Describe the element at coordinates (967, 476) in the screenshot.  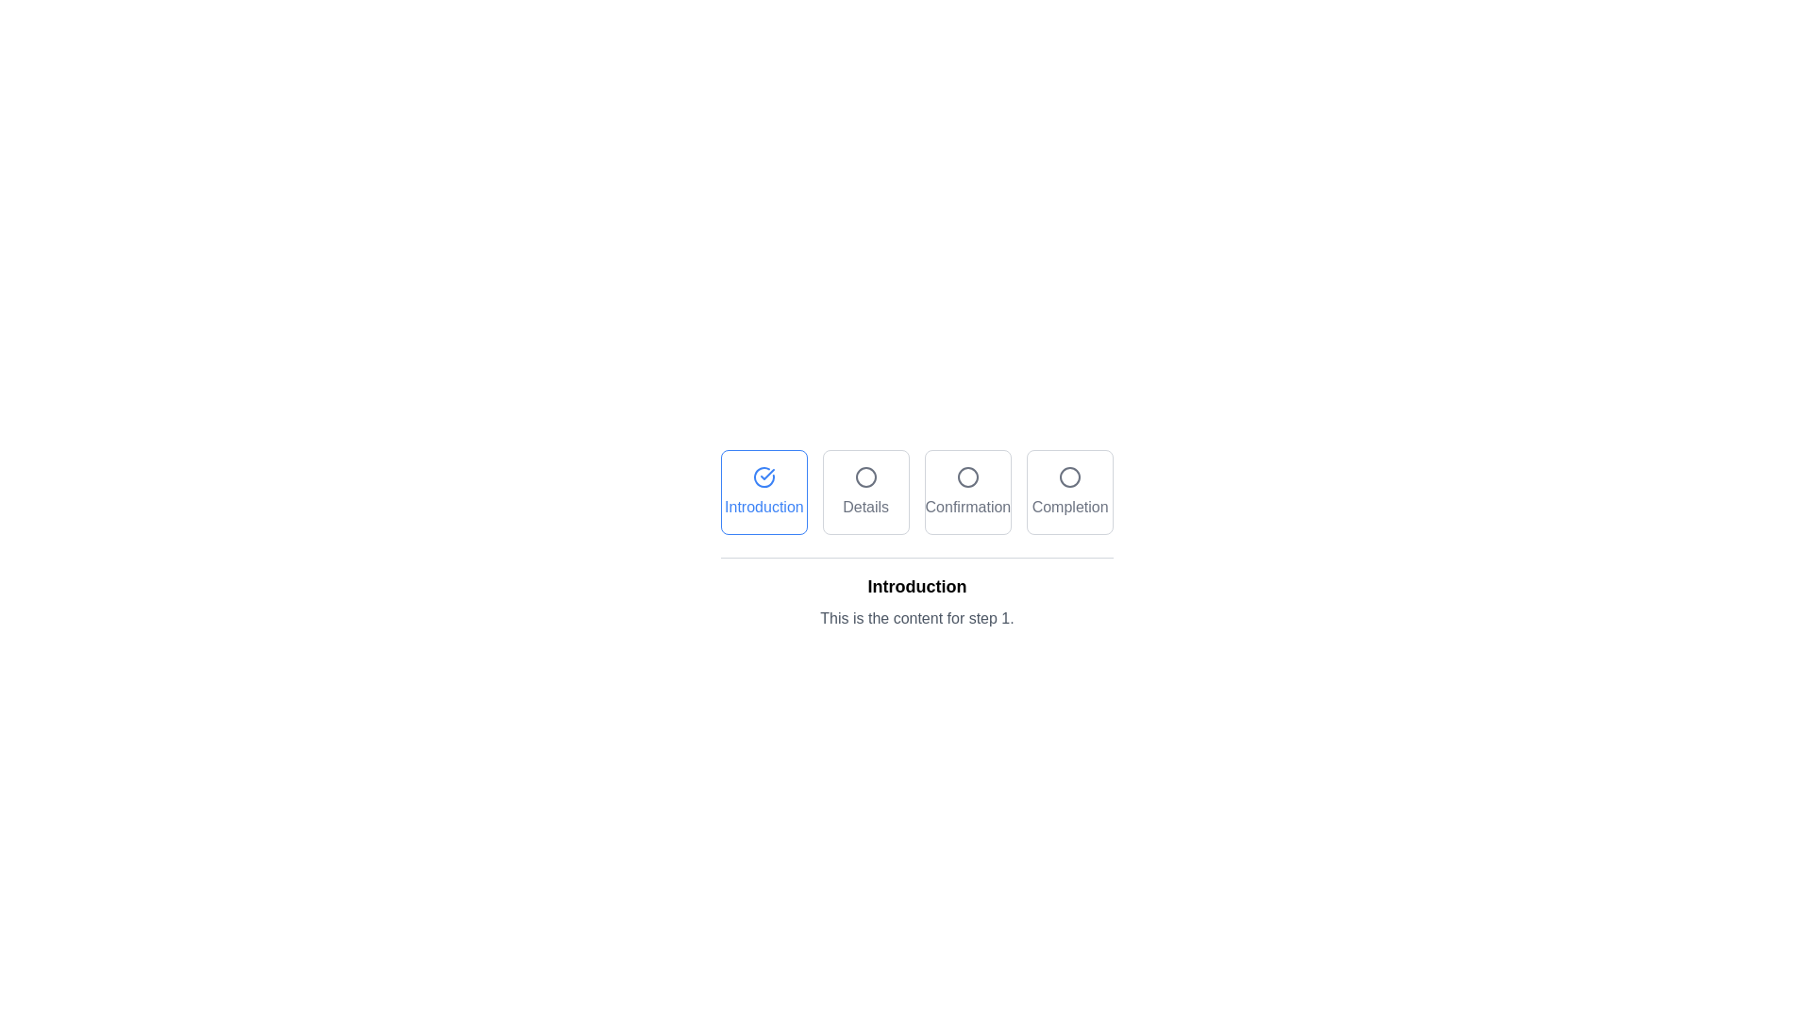
I see `the circular graphical indicator that represents the 'Confirmation' step in the horizontal step indicator, which is the third button in the sequence of four buttons` at that location.